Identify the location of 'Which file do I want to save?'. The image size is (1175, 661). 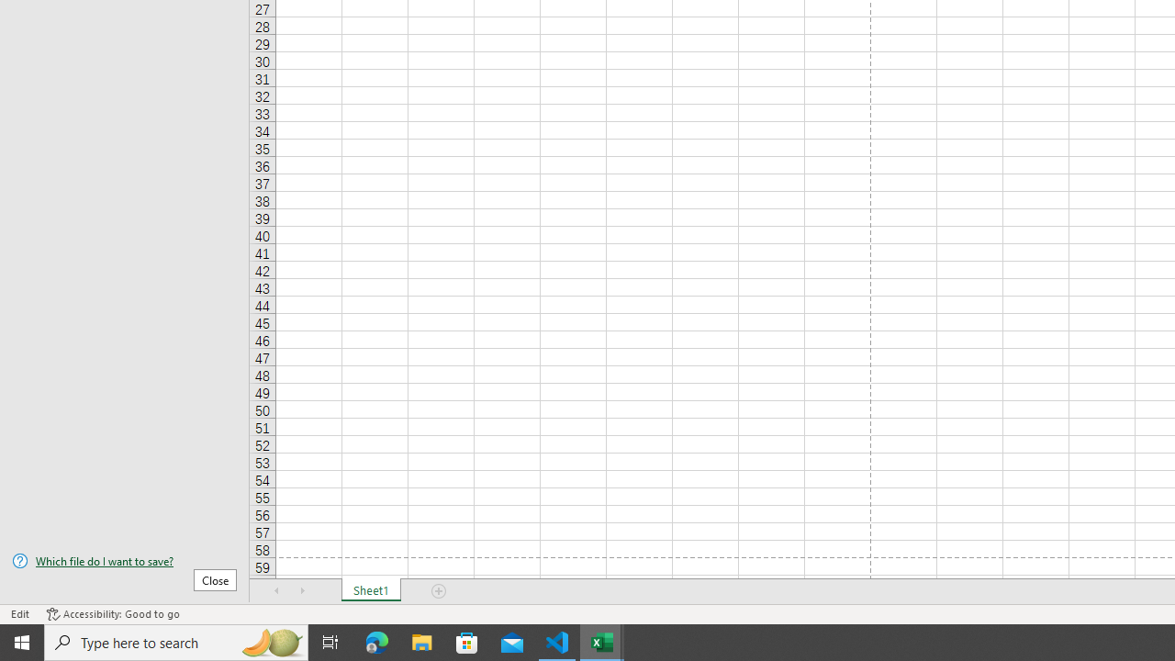
(124, 560).